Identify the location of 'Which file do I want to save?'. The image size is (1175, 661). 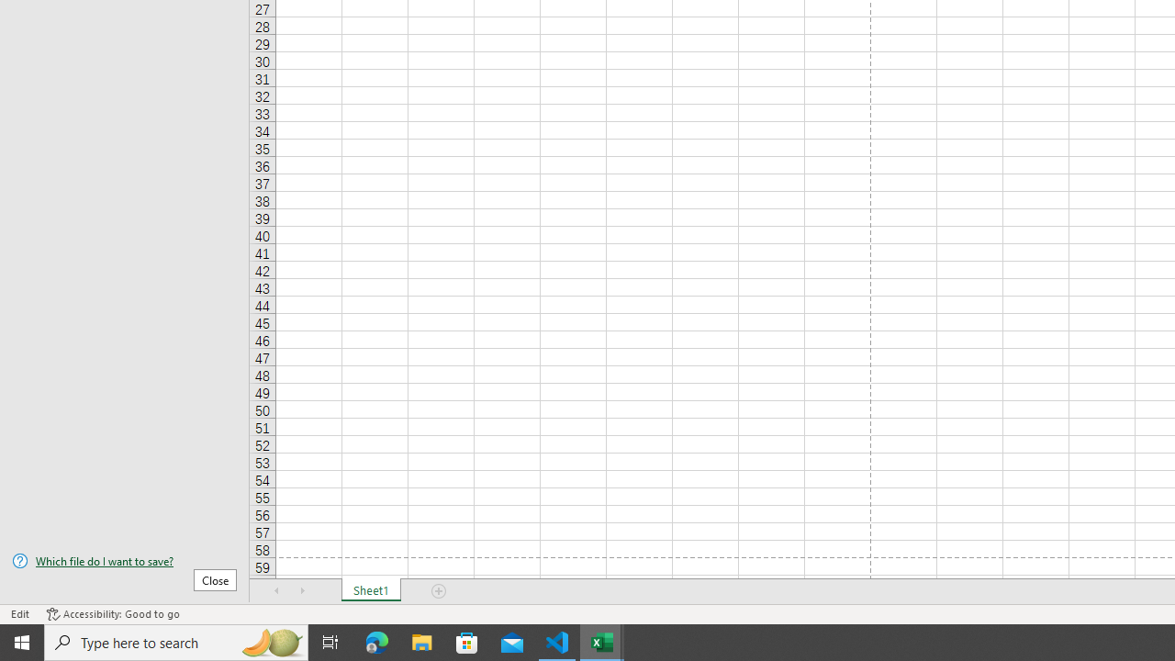
(124, 560).